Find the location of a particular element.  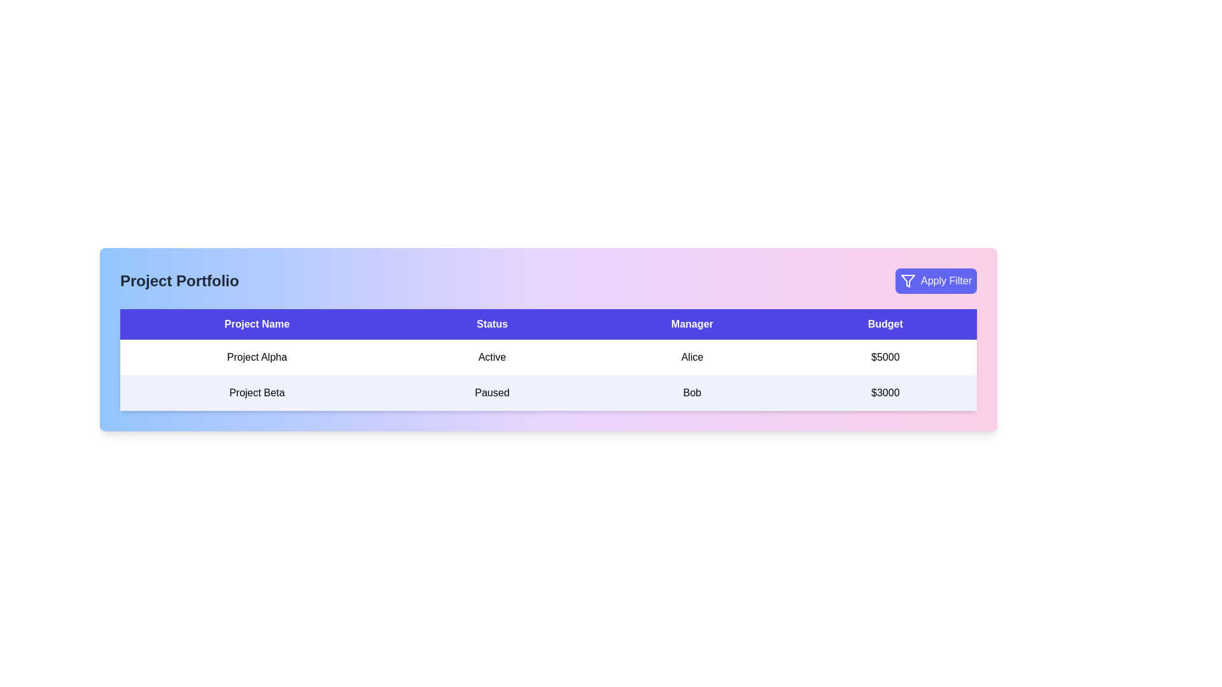

the text label displaying 'Project Alpha' located in the leftmost column under the header 'Project Name' in the table is located at coordinates (256, 357).